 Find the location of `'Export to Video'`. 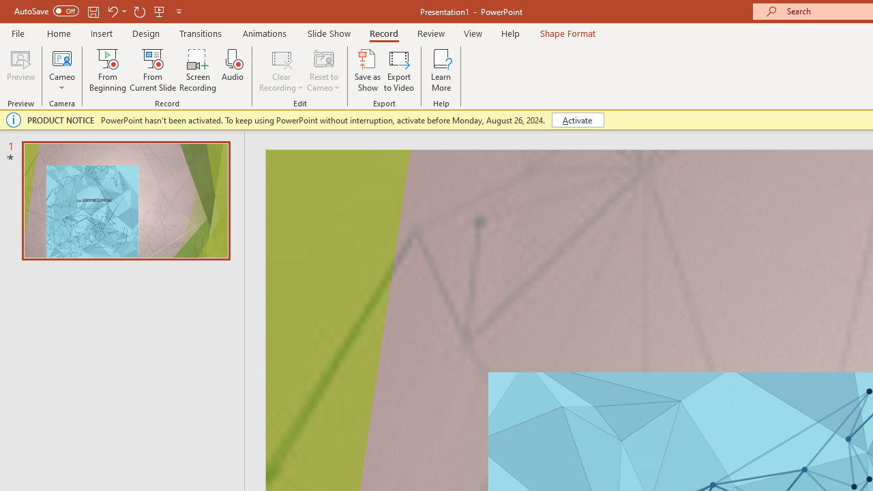

'Export to Video' is located at coordinates (398, 70).